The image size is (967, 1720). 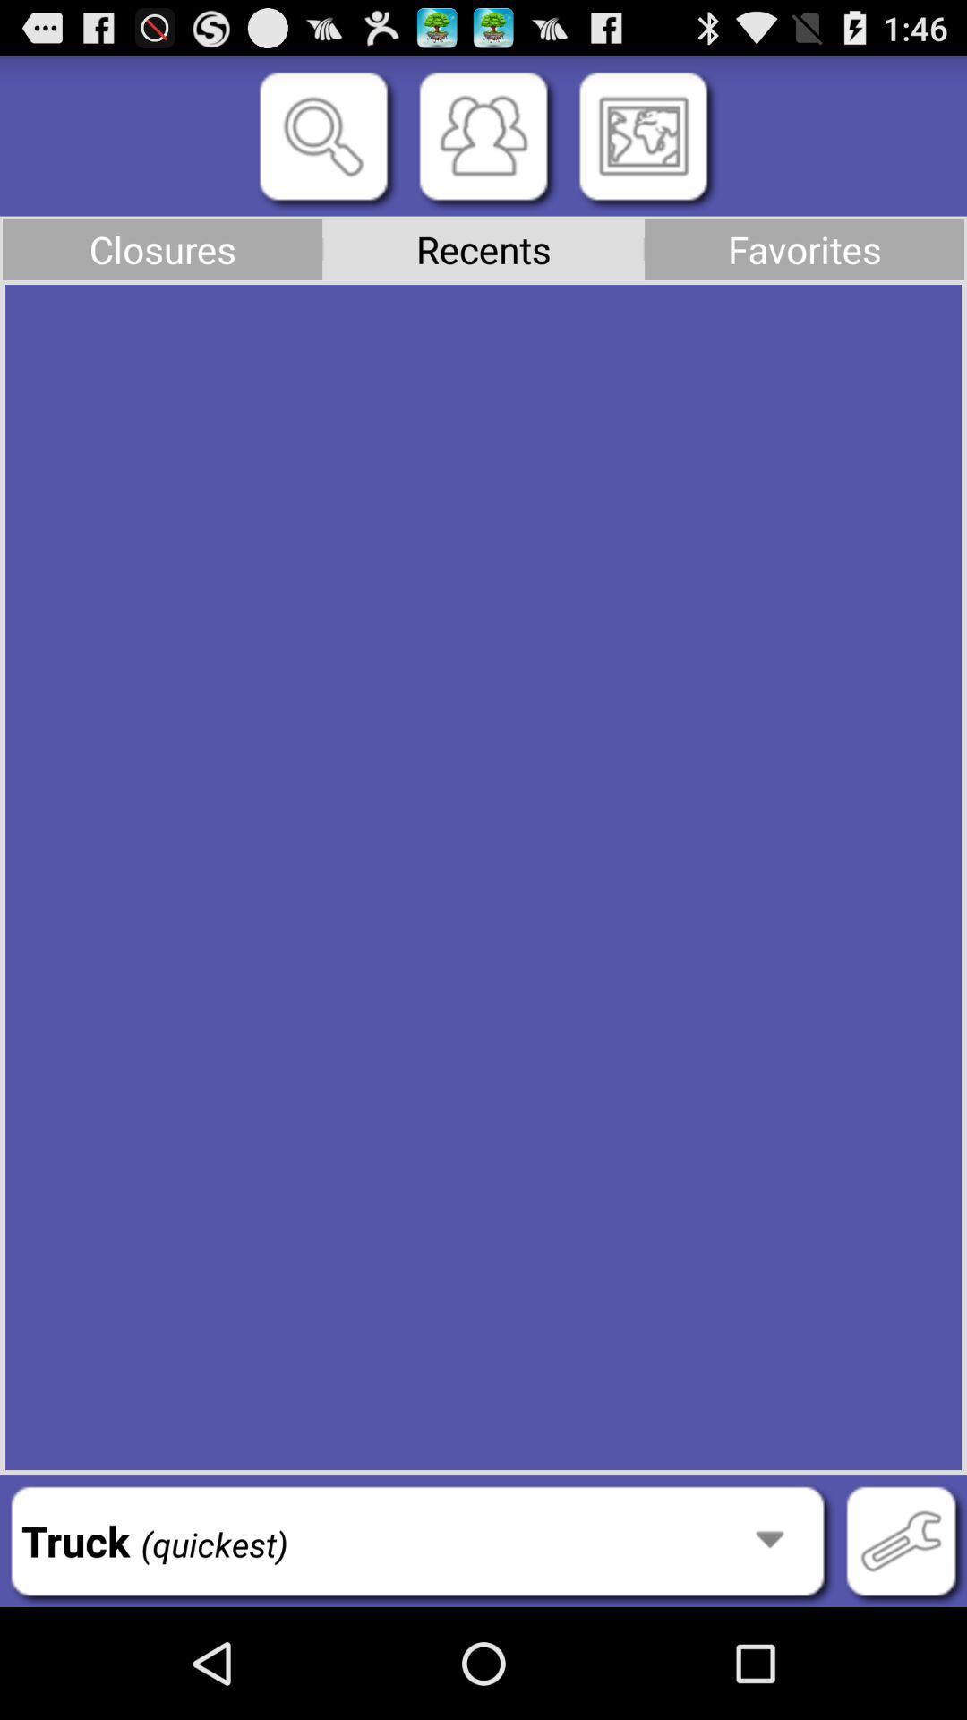 What do you see at coordinates (901, 1540) in the screenshot?
I see `item at the bottom right corner` at bounding box center [901, 1540].